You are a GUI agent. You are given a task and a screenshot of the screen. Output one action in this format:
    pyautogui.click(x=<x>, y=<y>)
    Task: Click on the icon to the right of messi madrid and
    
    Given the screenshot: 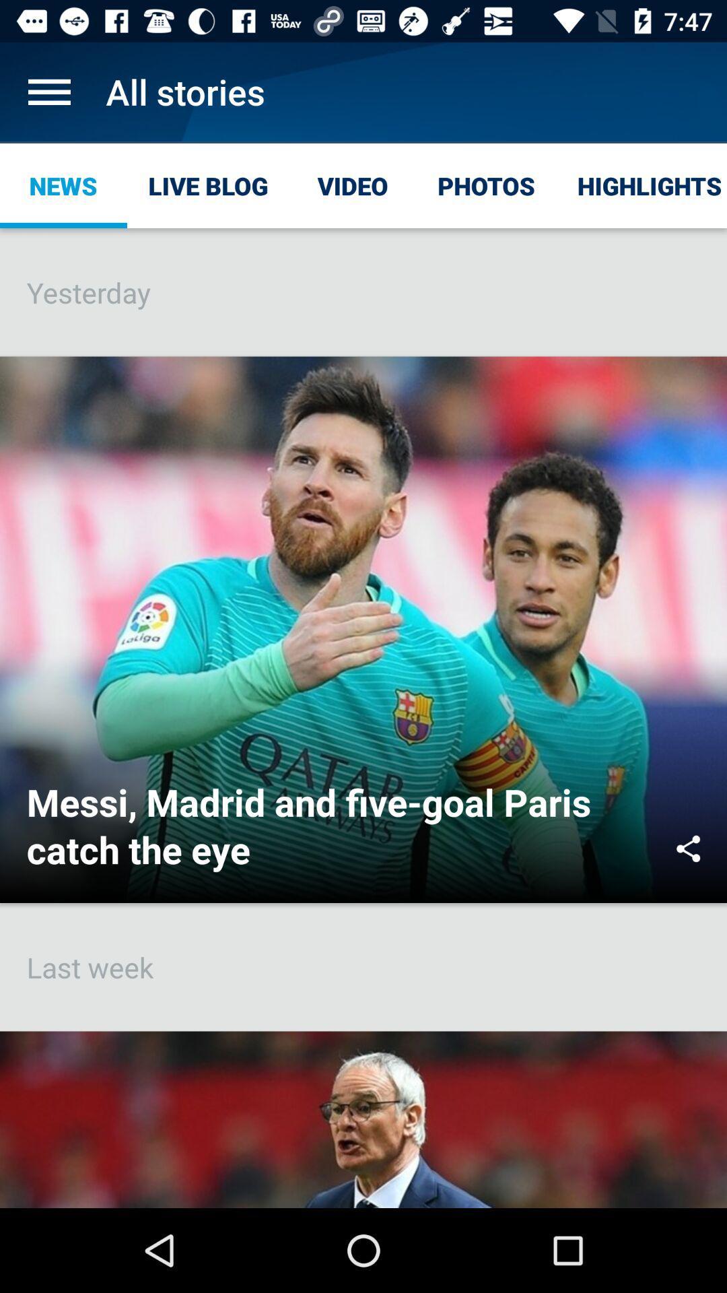 What is the action you would take?
    pyautogui.click(x=688, y=848)
    